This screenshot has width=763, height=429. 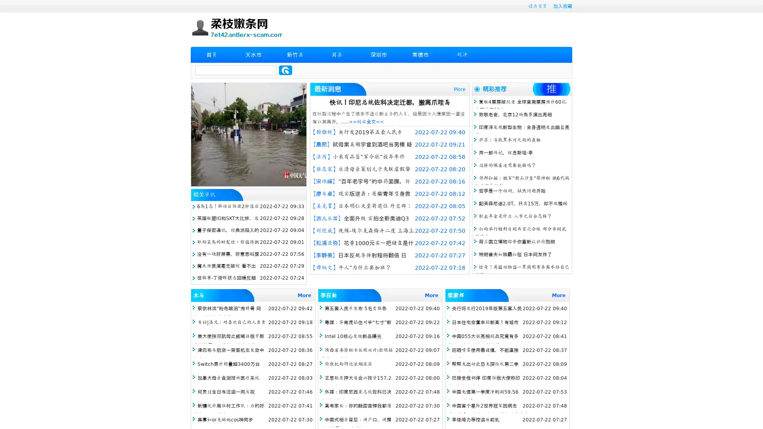 I want to click on Search, so click(x=285, y=70).